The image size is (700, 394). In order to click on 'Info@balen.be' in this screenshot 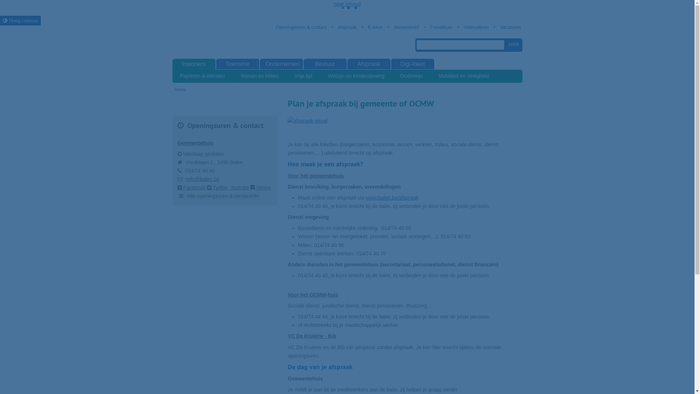, I will do `click(202, 179)`.